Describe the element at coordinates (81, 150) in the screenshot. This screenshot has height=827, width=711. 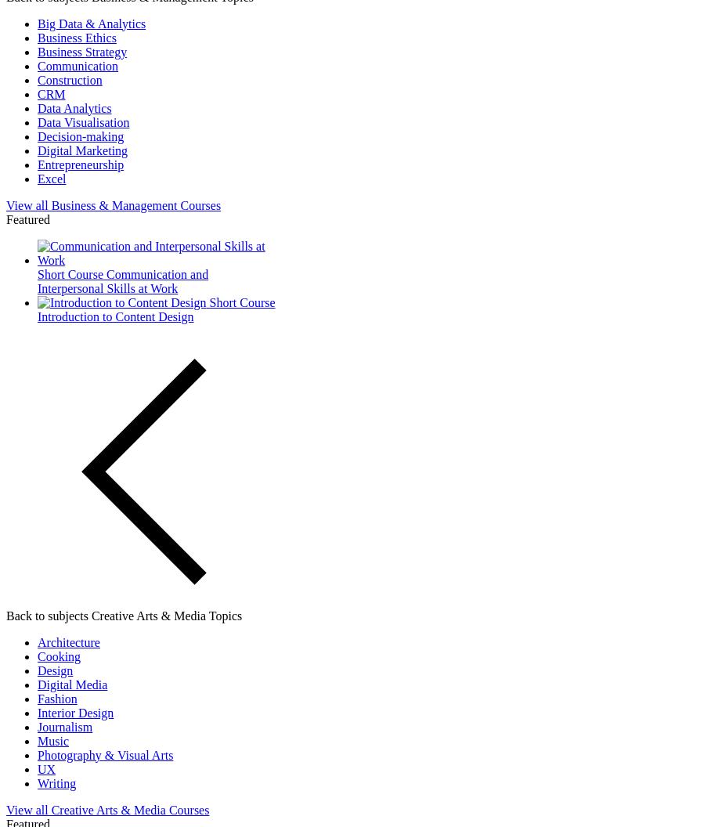
I see `'Digital Marketing'` at that location.